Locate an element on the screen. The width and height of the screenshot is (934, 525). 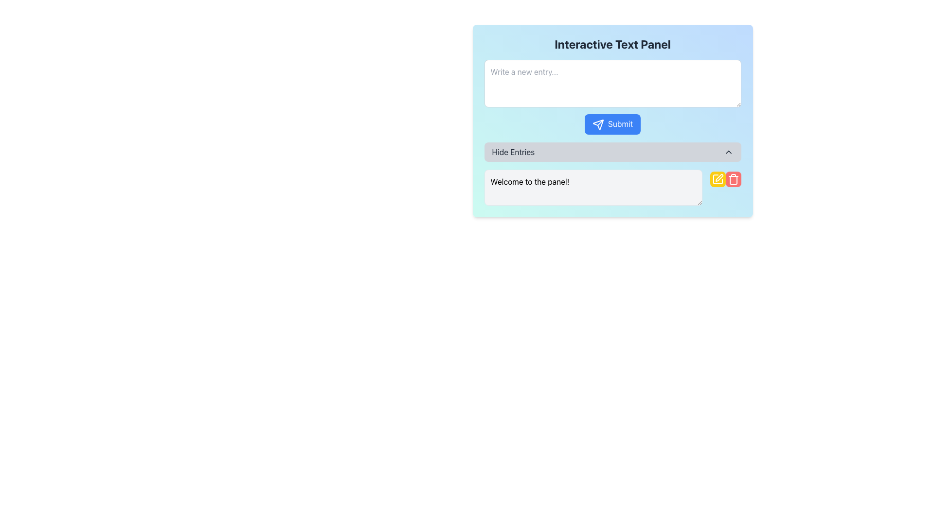
the delete button located at the bottom-right corner of the text entry section, which is the second button to the right of the text entry box is located at coordinates (733, 179).